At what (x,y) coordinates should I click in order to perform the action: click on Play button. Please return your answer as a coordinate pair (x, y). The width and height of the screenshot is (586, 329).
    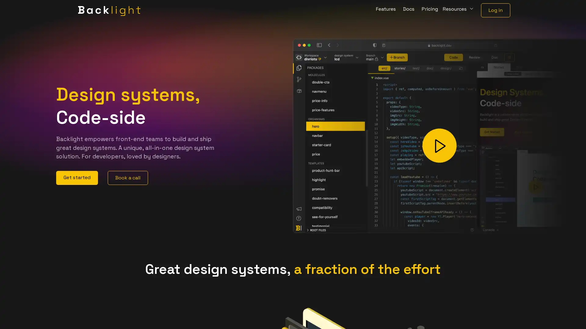
    Looking at the image, I should click on (440, 146).